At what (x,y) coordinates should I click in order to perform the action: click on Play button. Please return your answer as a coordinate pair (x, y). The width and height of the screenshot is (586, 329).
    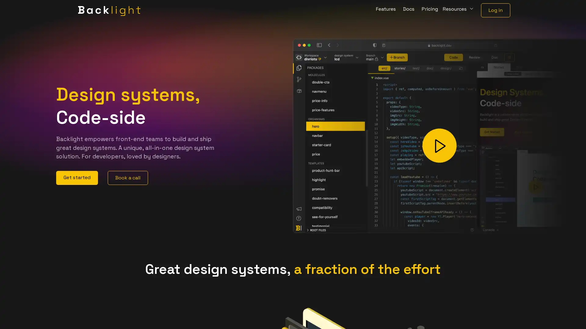
    Looking at the image, I should click on (440, 146).